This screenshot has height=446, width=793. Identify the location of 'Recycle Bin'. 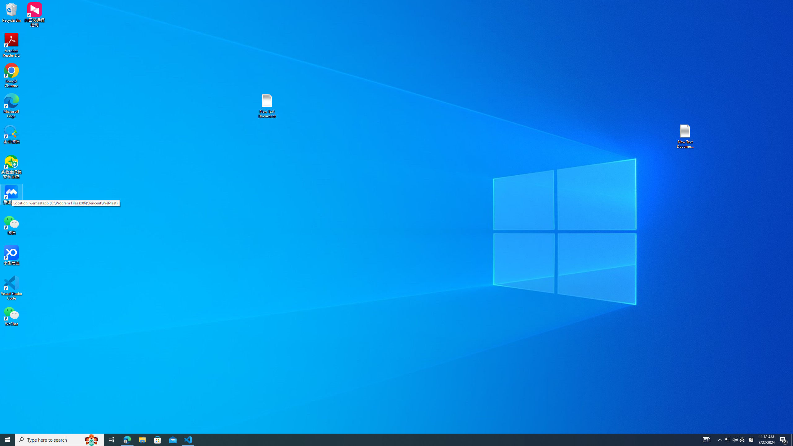
(11, 12).